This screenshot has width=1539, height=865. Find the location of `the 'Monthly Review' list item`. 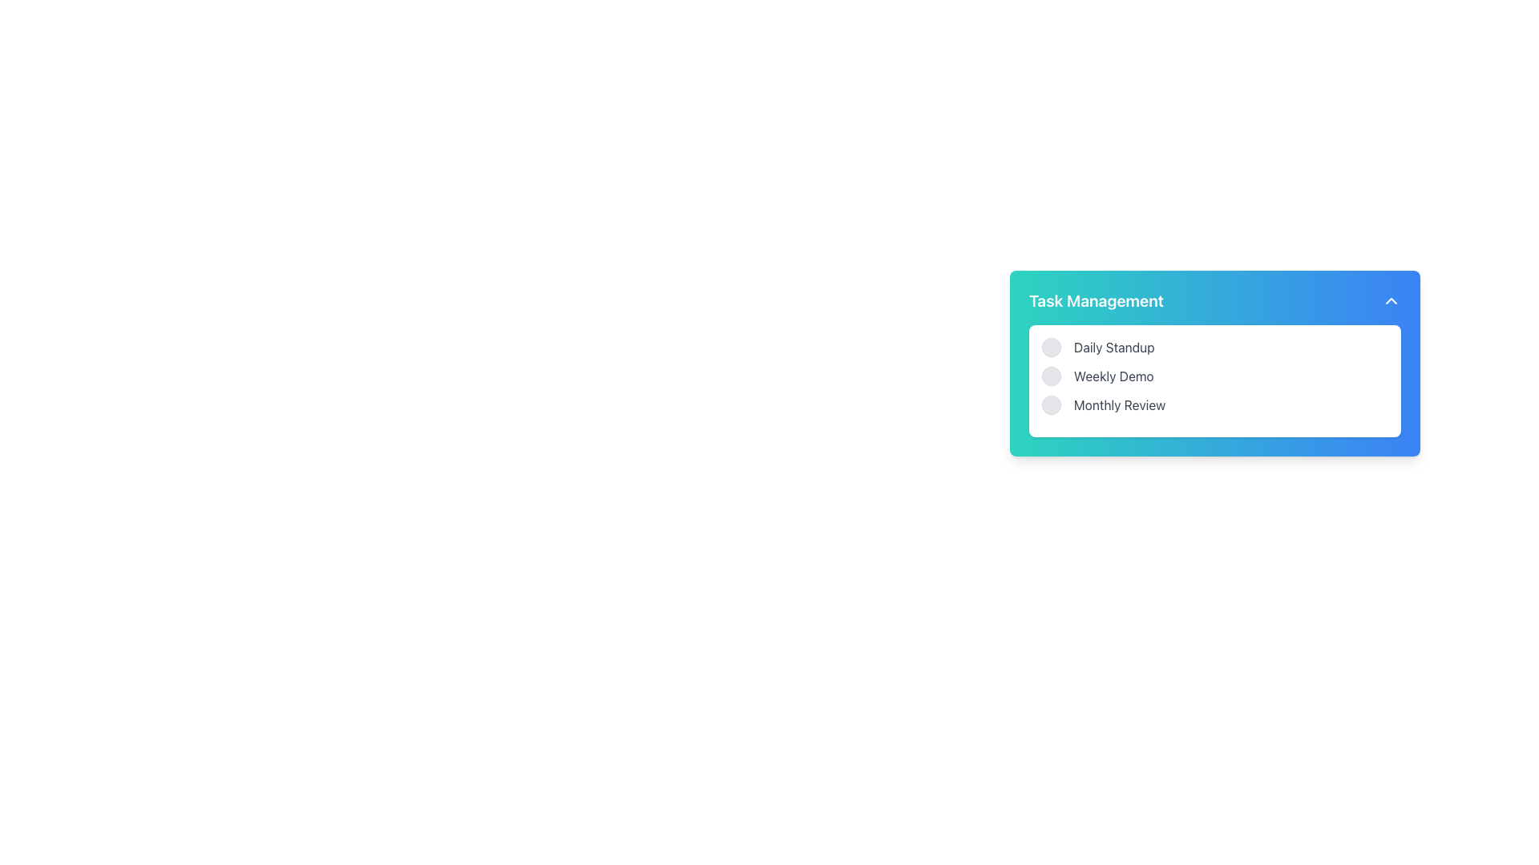

the 'Monthly Review' list item is located at coordinates (1215, 404).